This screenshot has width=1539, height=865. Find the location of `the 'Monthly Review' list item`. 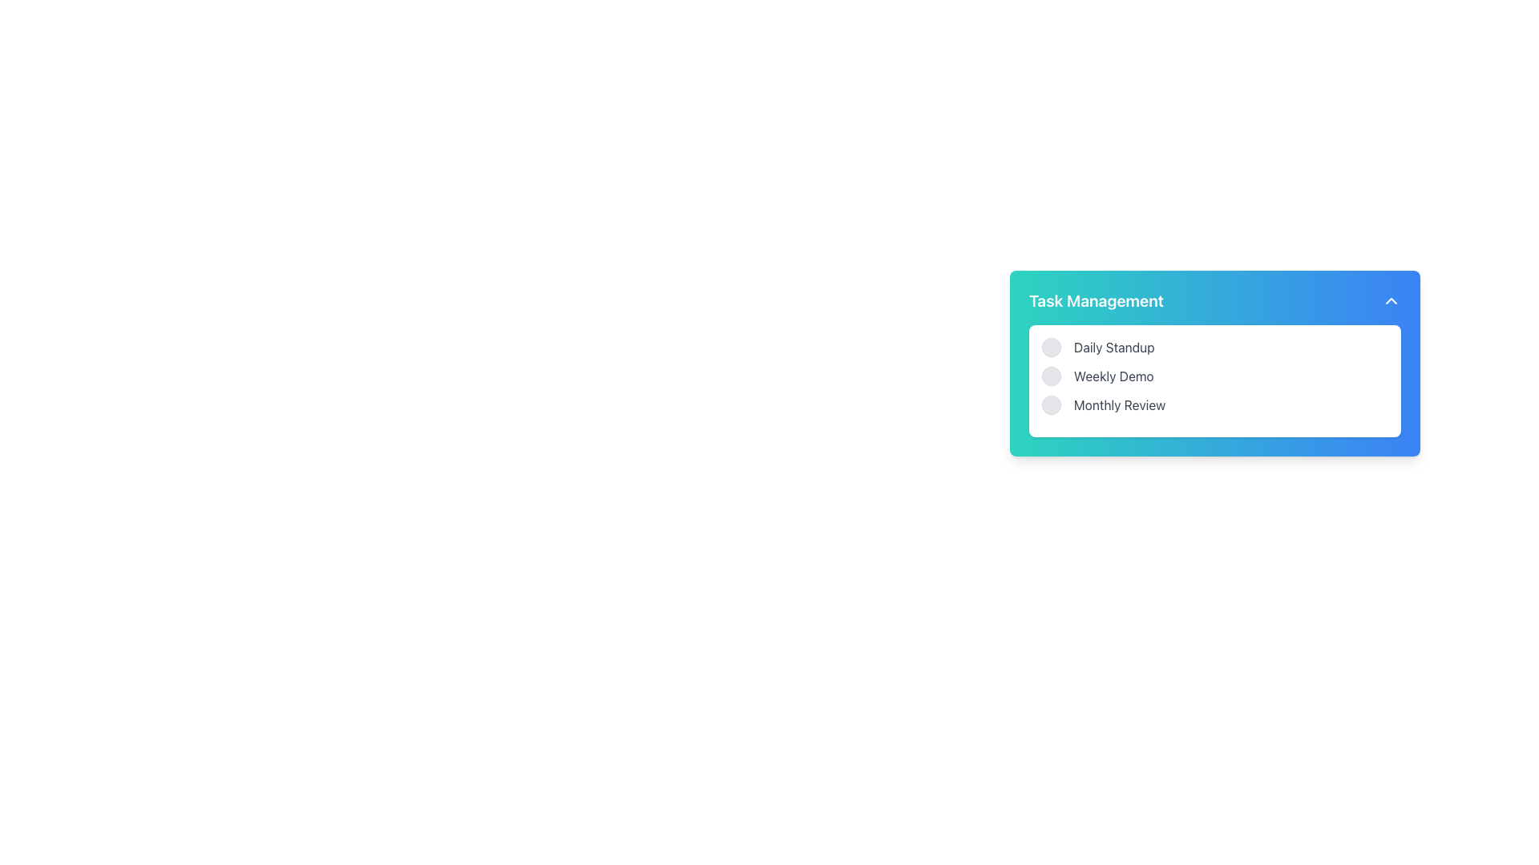

the 'Monthly Review' list item is located at coordinates (1215, 404).